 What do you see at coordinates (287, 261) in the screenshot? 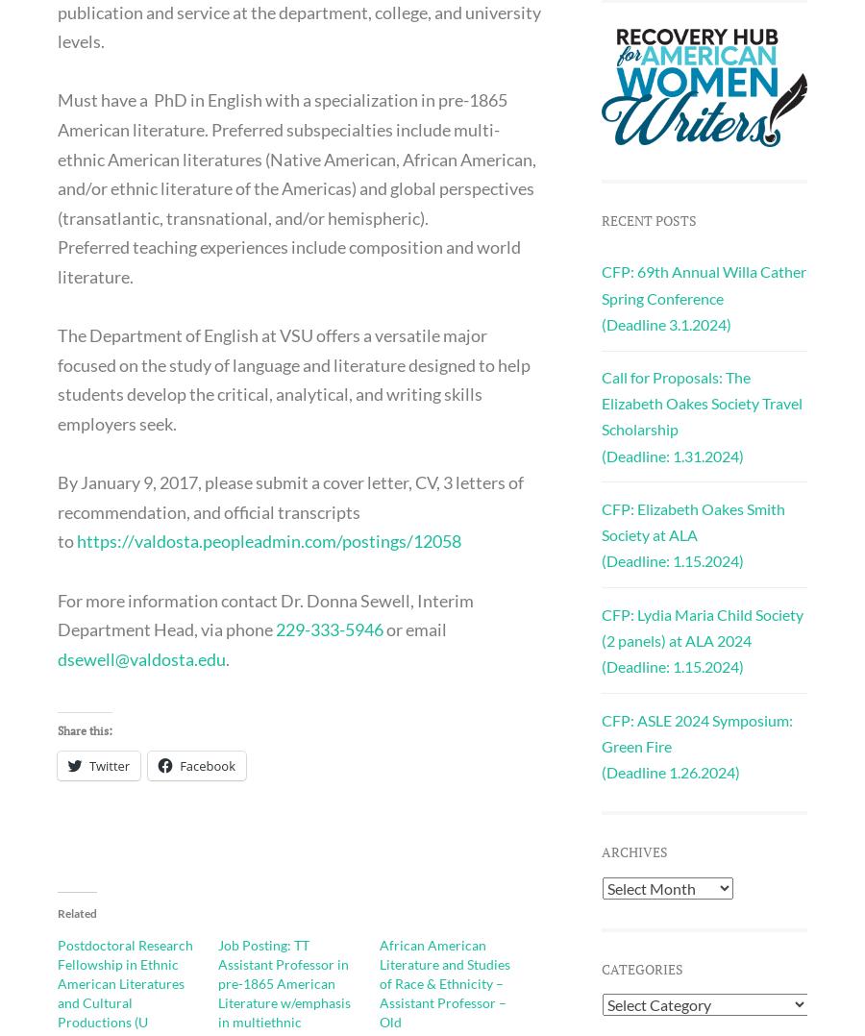
I see `'Preferred teaching experiences include composition and world literature.'` at bounding box center [287, 261].